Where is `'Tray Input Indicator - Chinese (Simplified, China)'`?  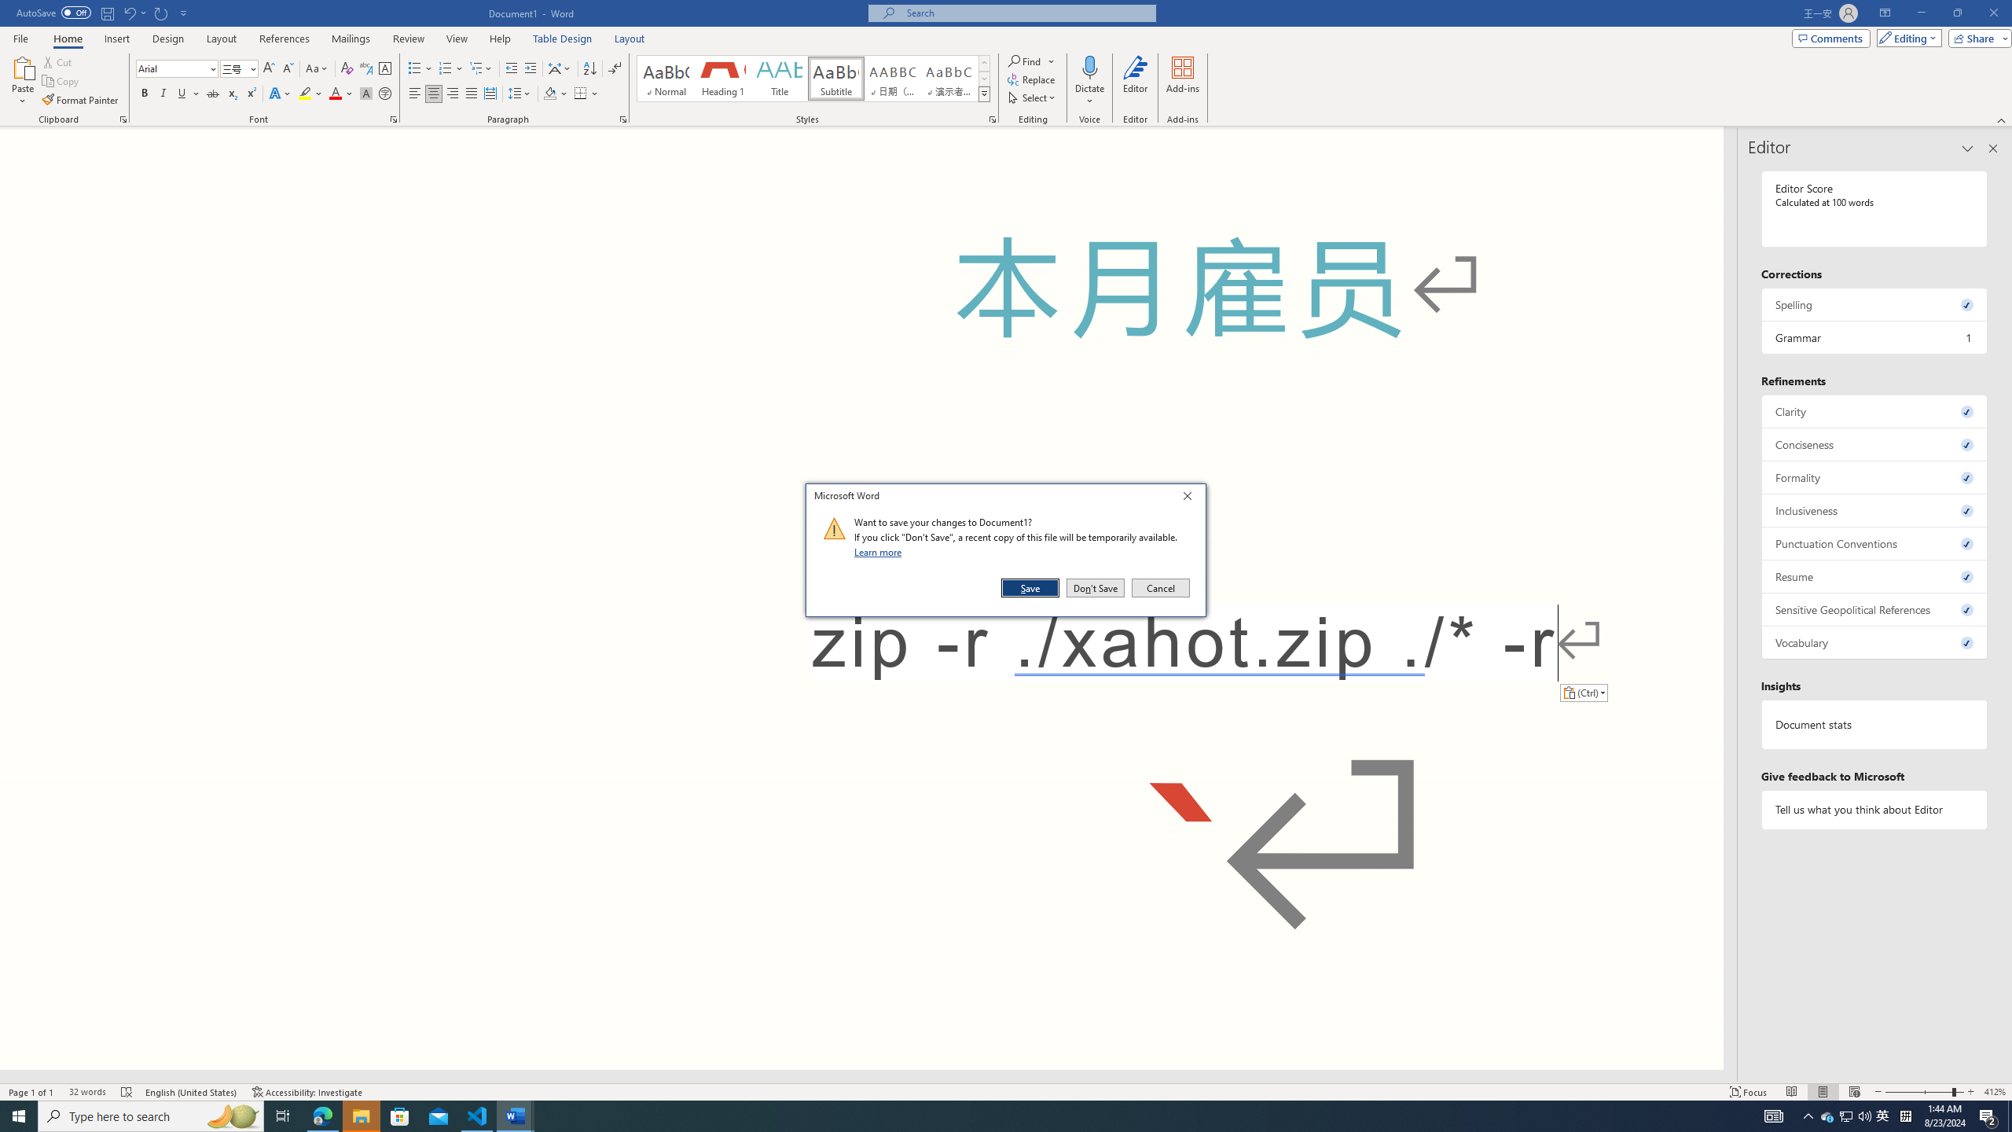 'Tray Input Indicator - Chinese (Simplified, China)' is located at coordinates (1905, 1115).